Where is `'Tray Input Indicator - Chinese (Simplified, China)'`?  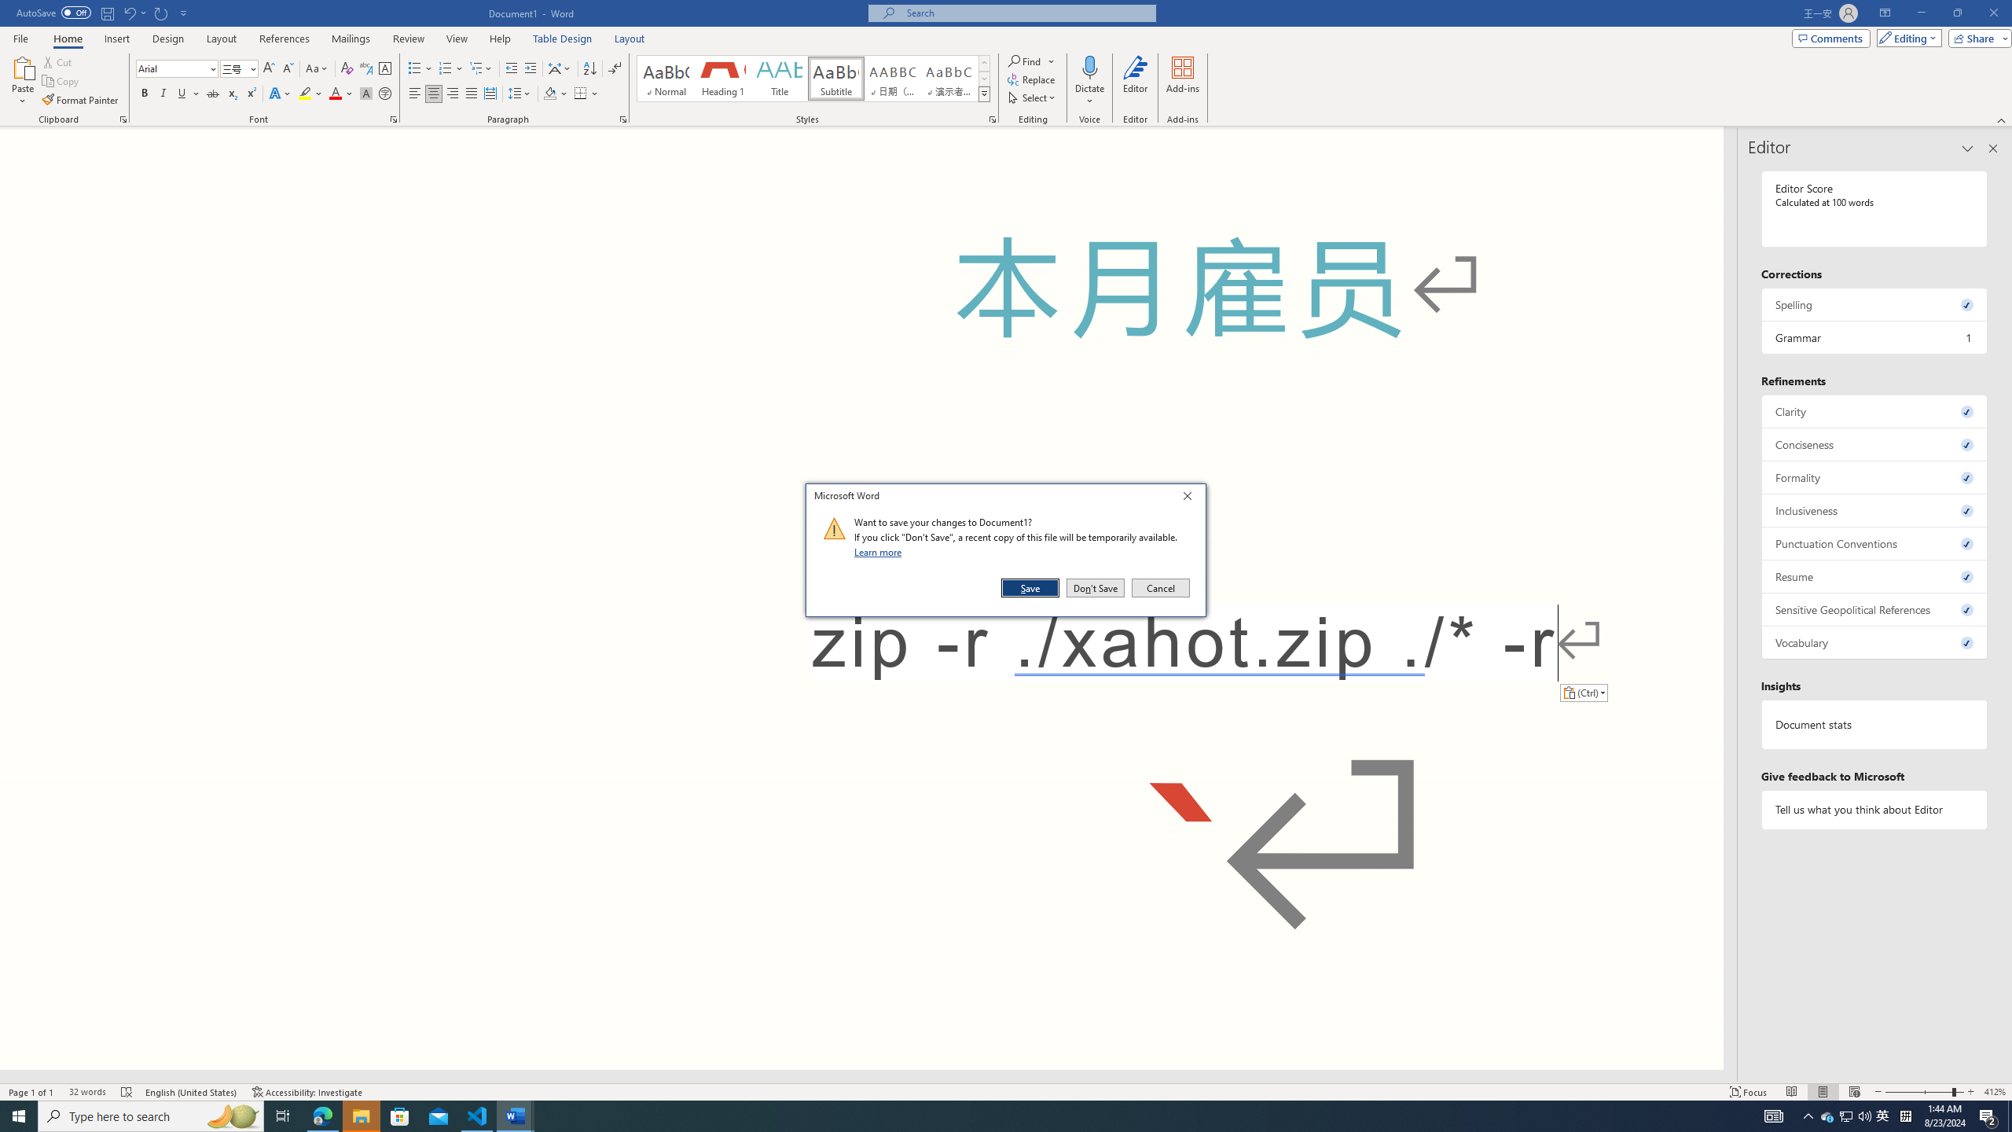 'Tray Input Indicator - Chinese (Simplified, China)' is located at coordinates (1905, 1115).